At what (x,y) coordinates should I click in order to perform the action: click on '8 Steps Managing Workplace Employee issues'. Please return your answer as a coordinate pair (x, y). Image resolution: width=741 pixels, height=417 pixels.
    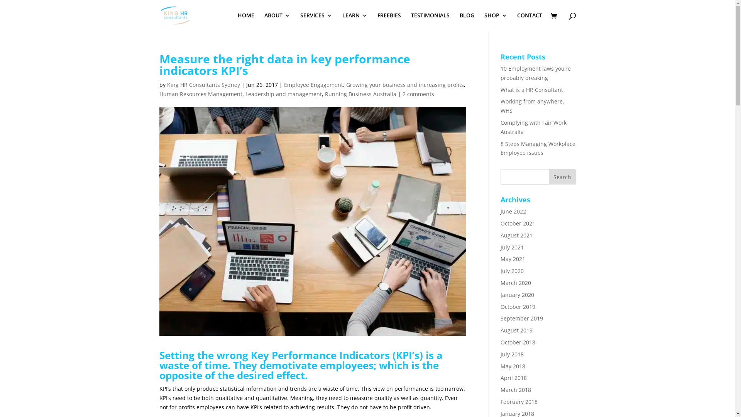
    Looking at the image, I should click on (537, 148).